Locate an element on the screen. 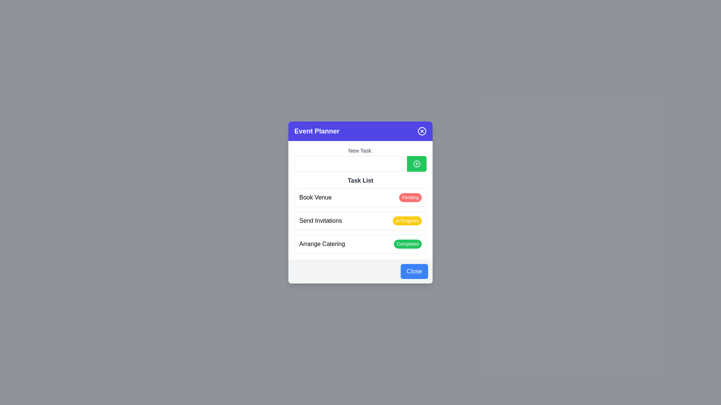  the green button with rounded corners and a plus icon is located at coordinates (416, 163).